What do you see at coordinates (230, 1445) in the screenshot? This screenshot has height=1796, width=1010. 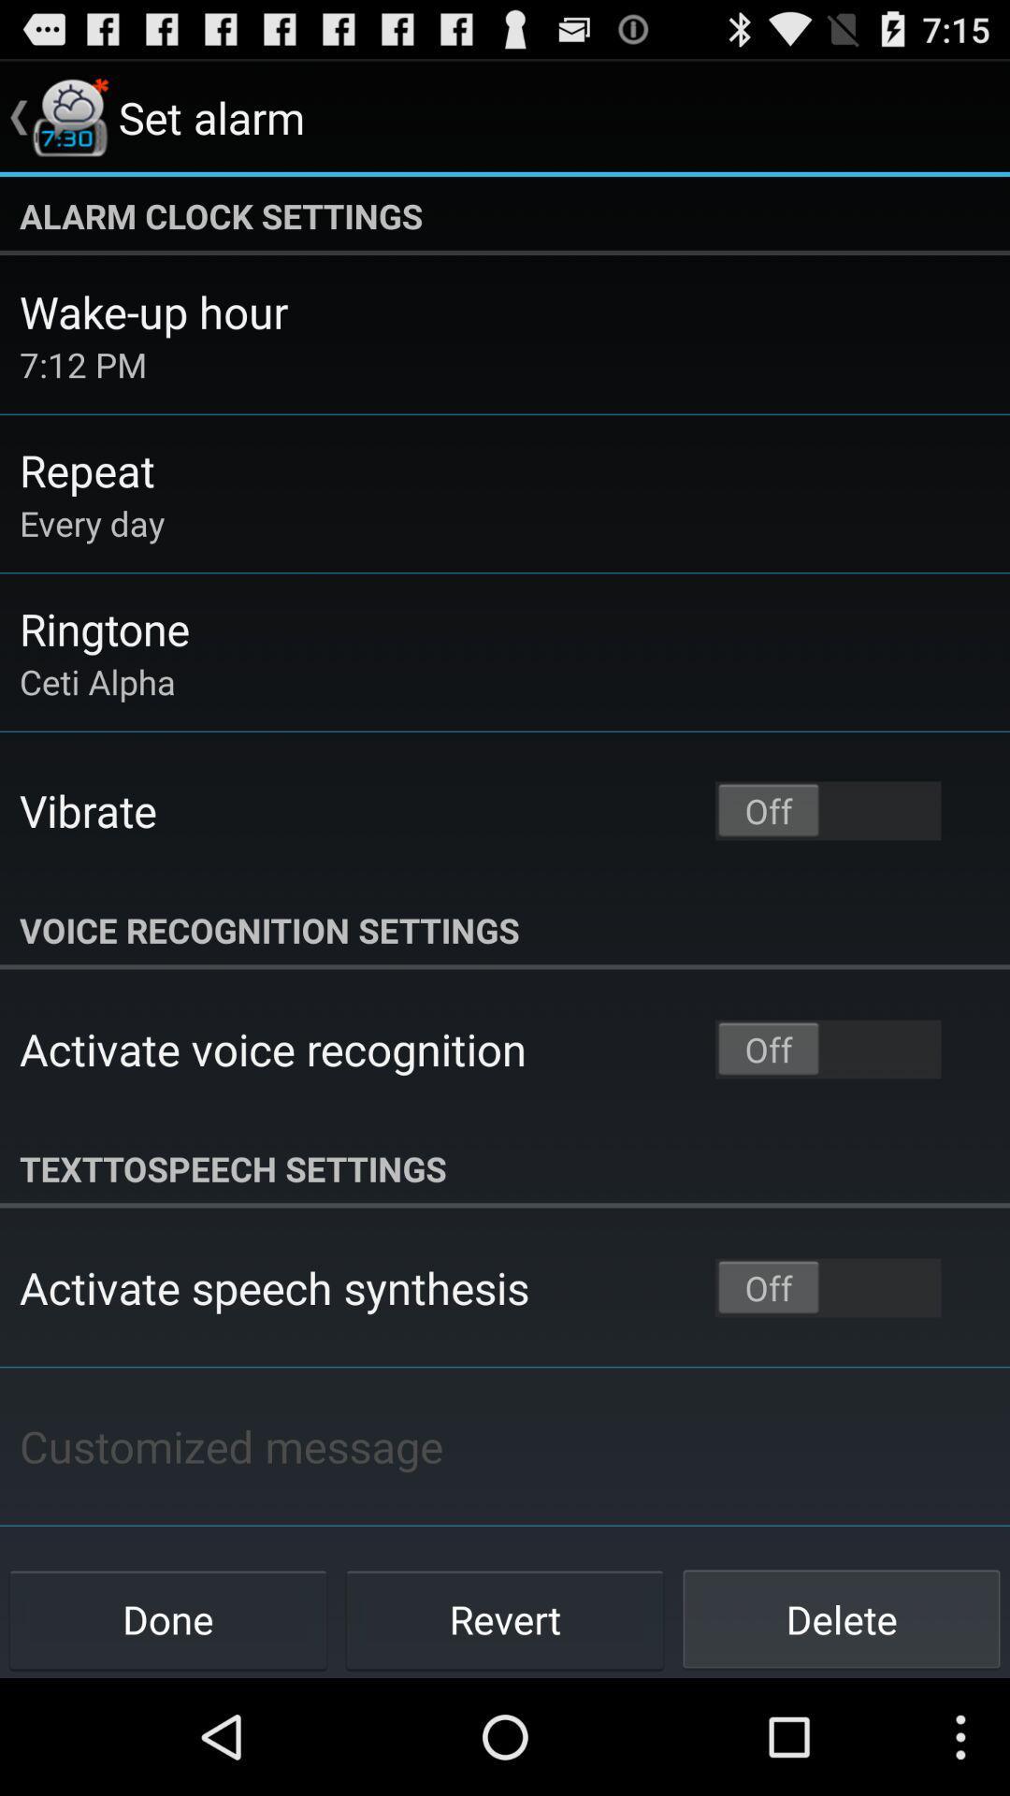 I see `the app below the activate speech synthesis` at bounding box center [230, 1445].